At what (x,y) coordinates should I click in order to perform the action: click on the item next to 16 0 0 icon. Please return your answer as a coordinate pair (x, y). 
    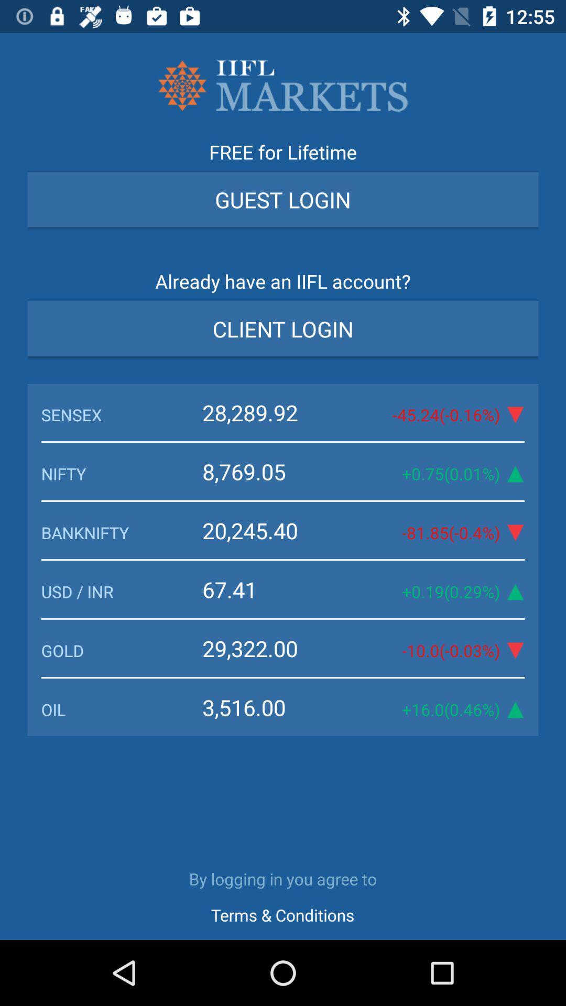
    Looking at the image, I should click on (274, 707).